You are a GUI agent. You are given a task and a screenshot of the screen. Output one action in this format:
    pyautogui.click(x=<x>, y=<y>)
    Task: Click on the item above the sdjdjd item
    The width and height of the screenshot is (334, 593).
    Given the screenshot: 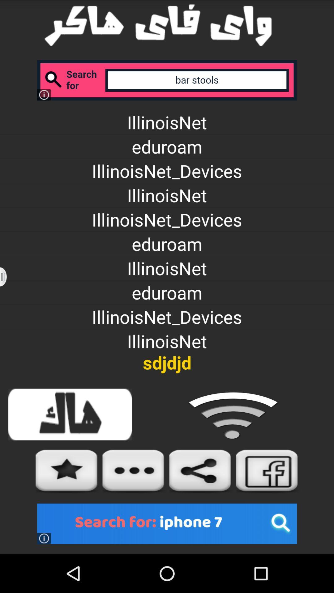 What is the action you would take?
    pyautogui.click(x=7, y=276)
    